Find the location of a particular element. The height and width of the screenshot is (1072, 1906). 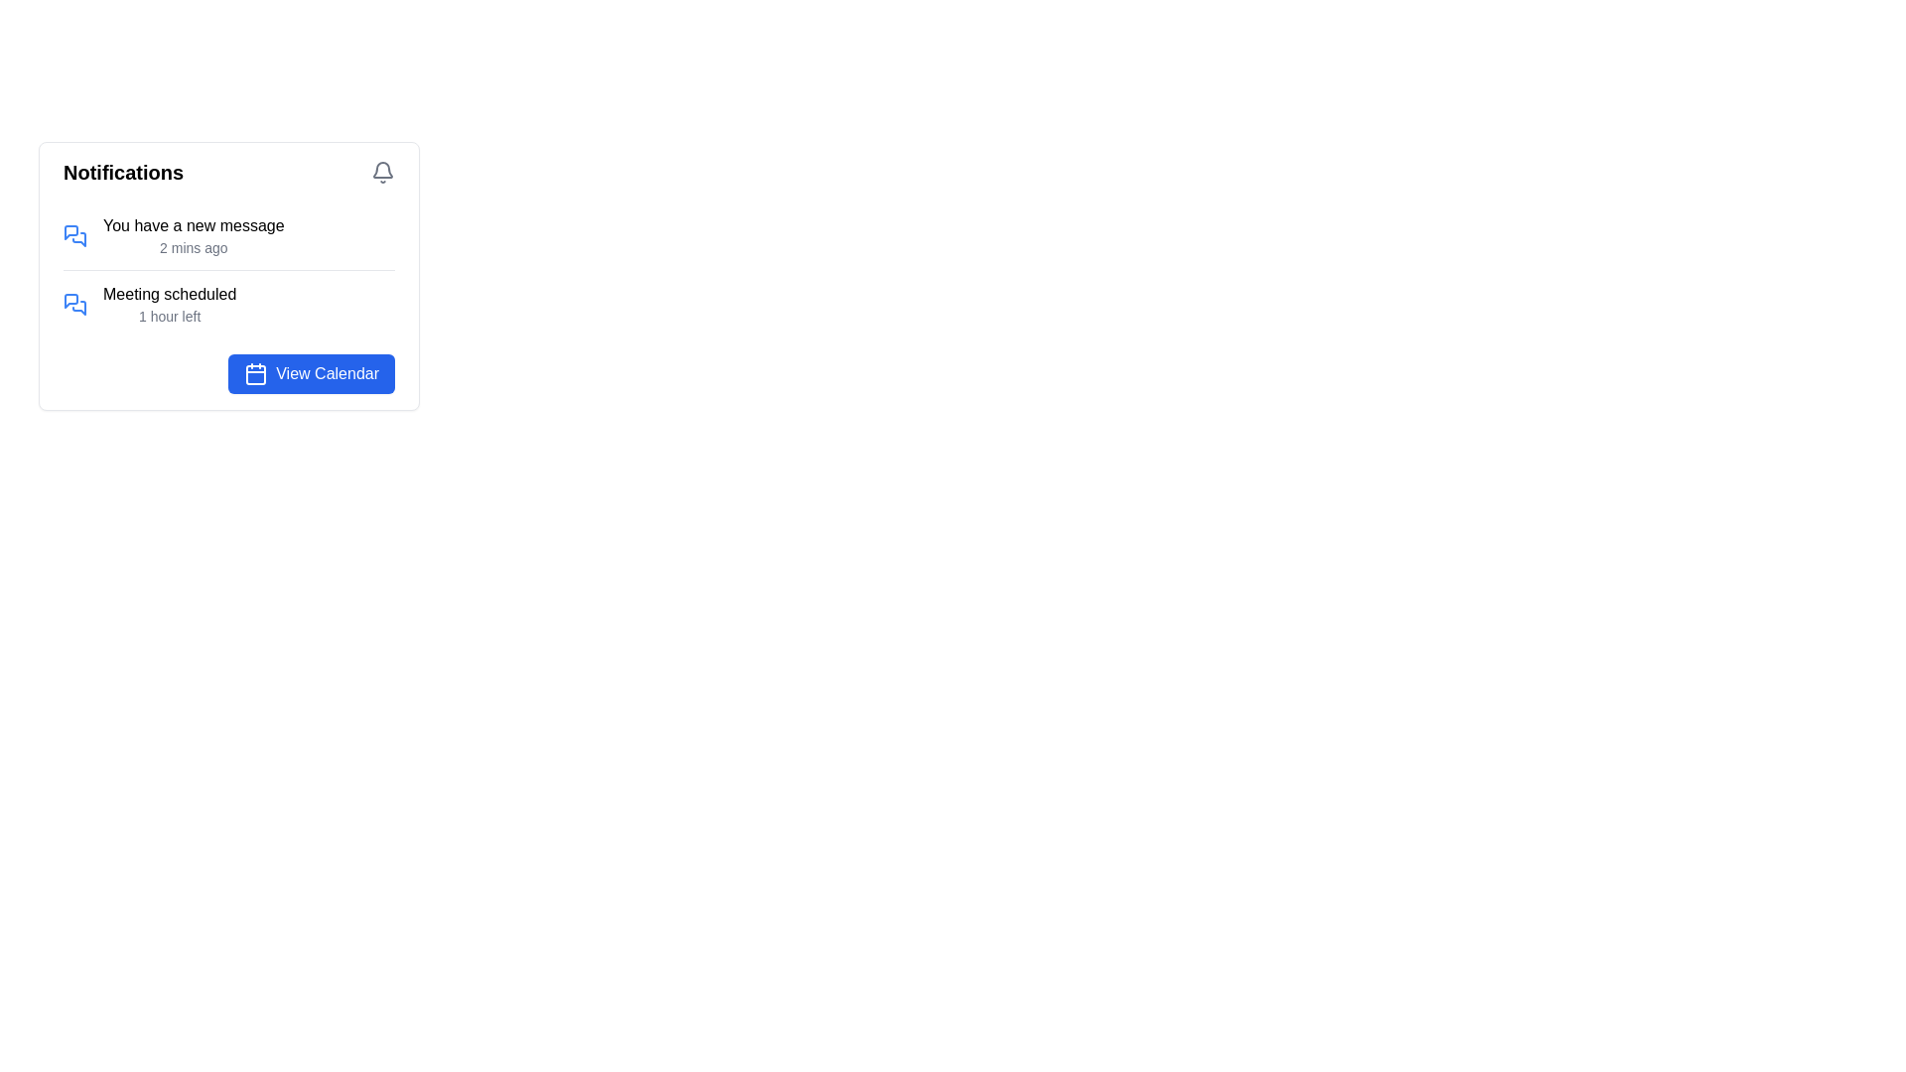

the text label within the button that signifies its action to navigate to the calendar view, located centrally adjacent to a calendar icon is located at coordinates (328, 374).